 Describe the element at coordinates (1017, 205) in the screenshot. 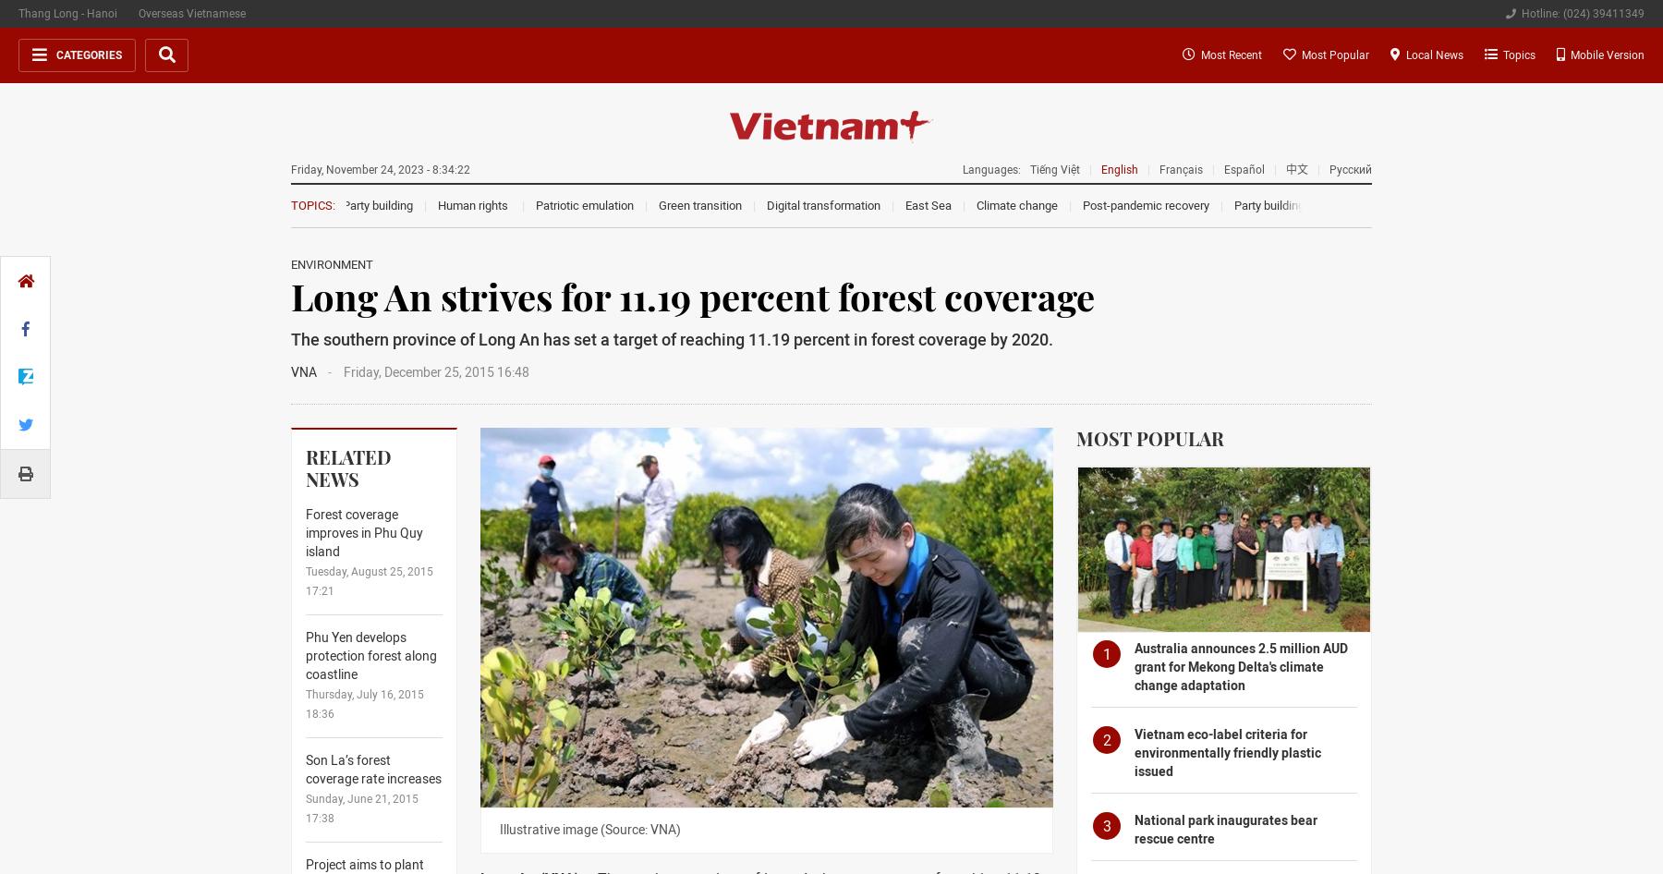

I see `'Climate change'` at that location.